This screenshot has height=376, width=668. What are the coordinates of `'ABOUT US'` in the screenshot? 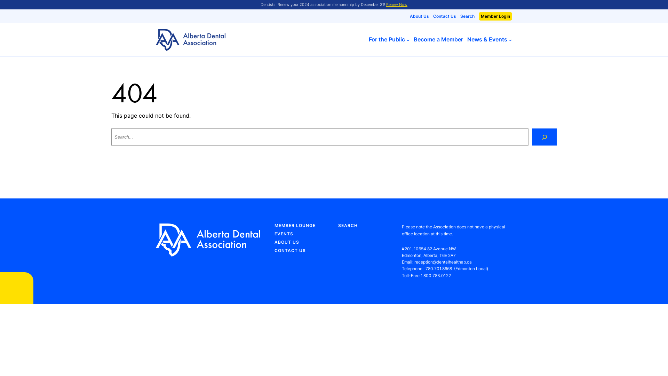 It's located at (287, 242).